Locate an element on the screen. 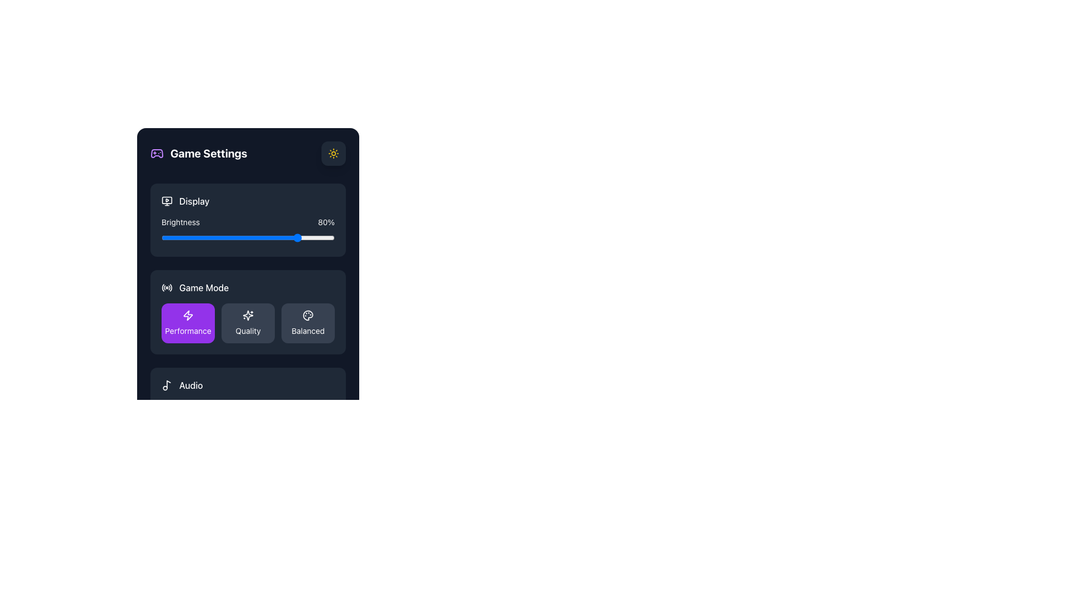 The height and width of the screenshot is (599, 1066). brightness level is located at coordinates (324, 237).